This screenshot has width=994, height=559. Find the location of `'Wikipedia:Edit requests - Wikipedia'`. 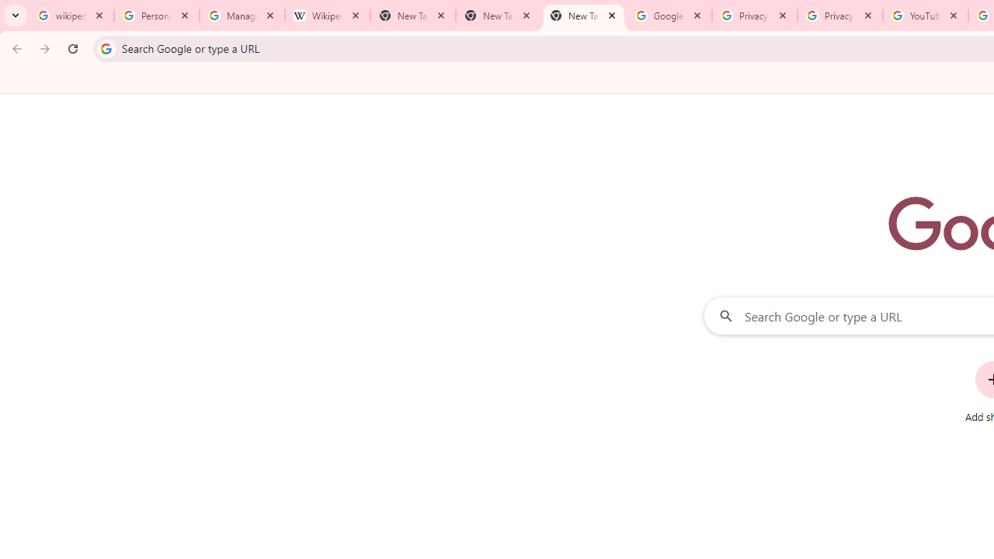

'Wikipedia:Edit requests - Wikipedia' is located at coordinates (327, 16).